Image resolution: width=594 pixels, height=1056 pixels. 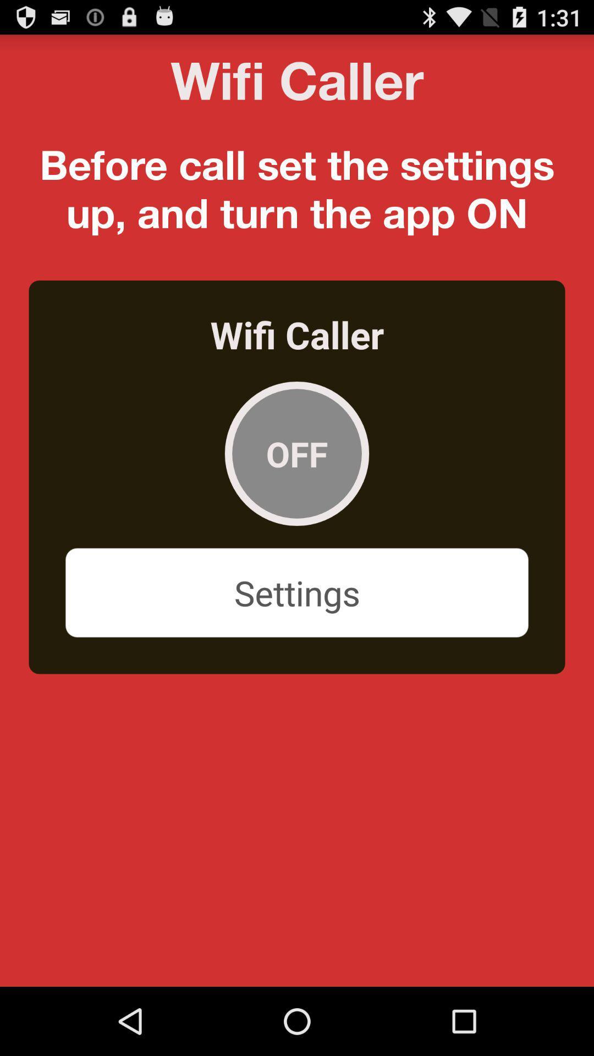 What do you see at coordinates (297, 454) in the screenshot?
I see `the off` at bounding box center [297, 454].